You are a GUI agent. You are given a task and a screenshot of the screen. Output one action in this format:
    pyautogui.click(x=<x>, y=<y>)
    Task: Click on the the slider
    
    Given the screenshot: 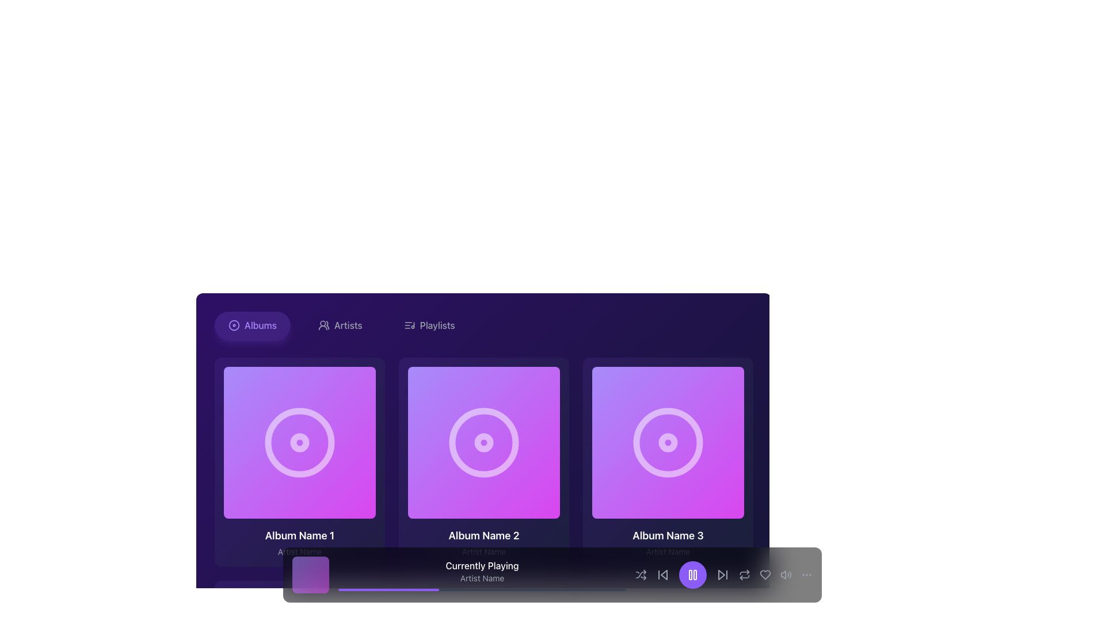 What is the action you would take?
    pyautogui.click(x=416, y=590)
    